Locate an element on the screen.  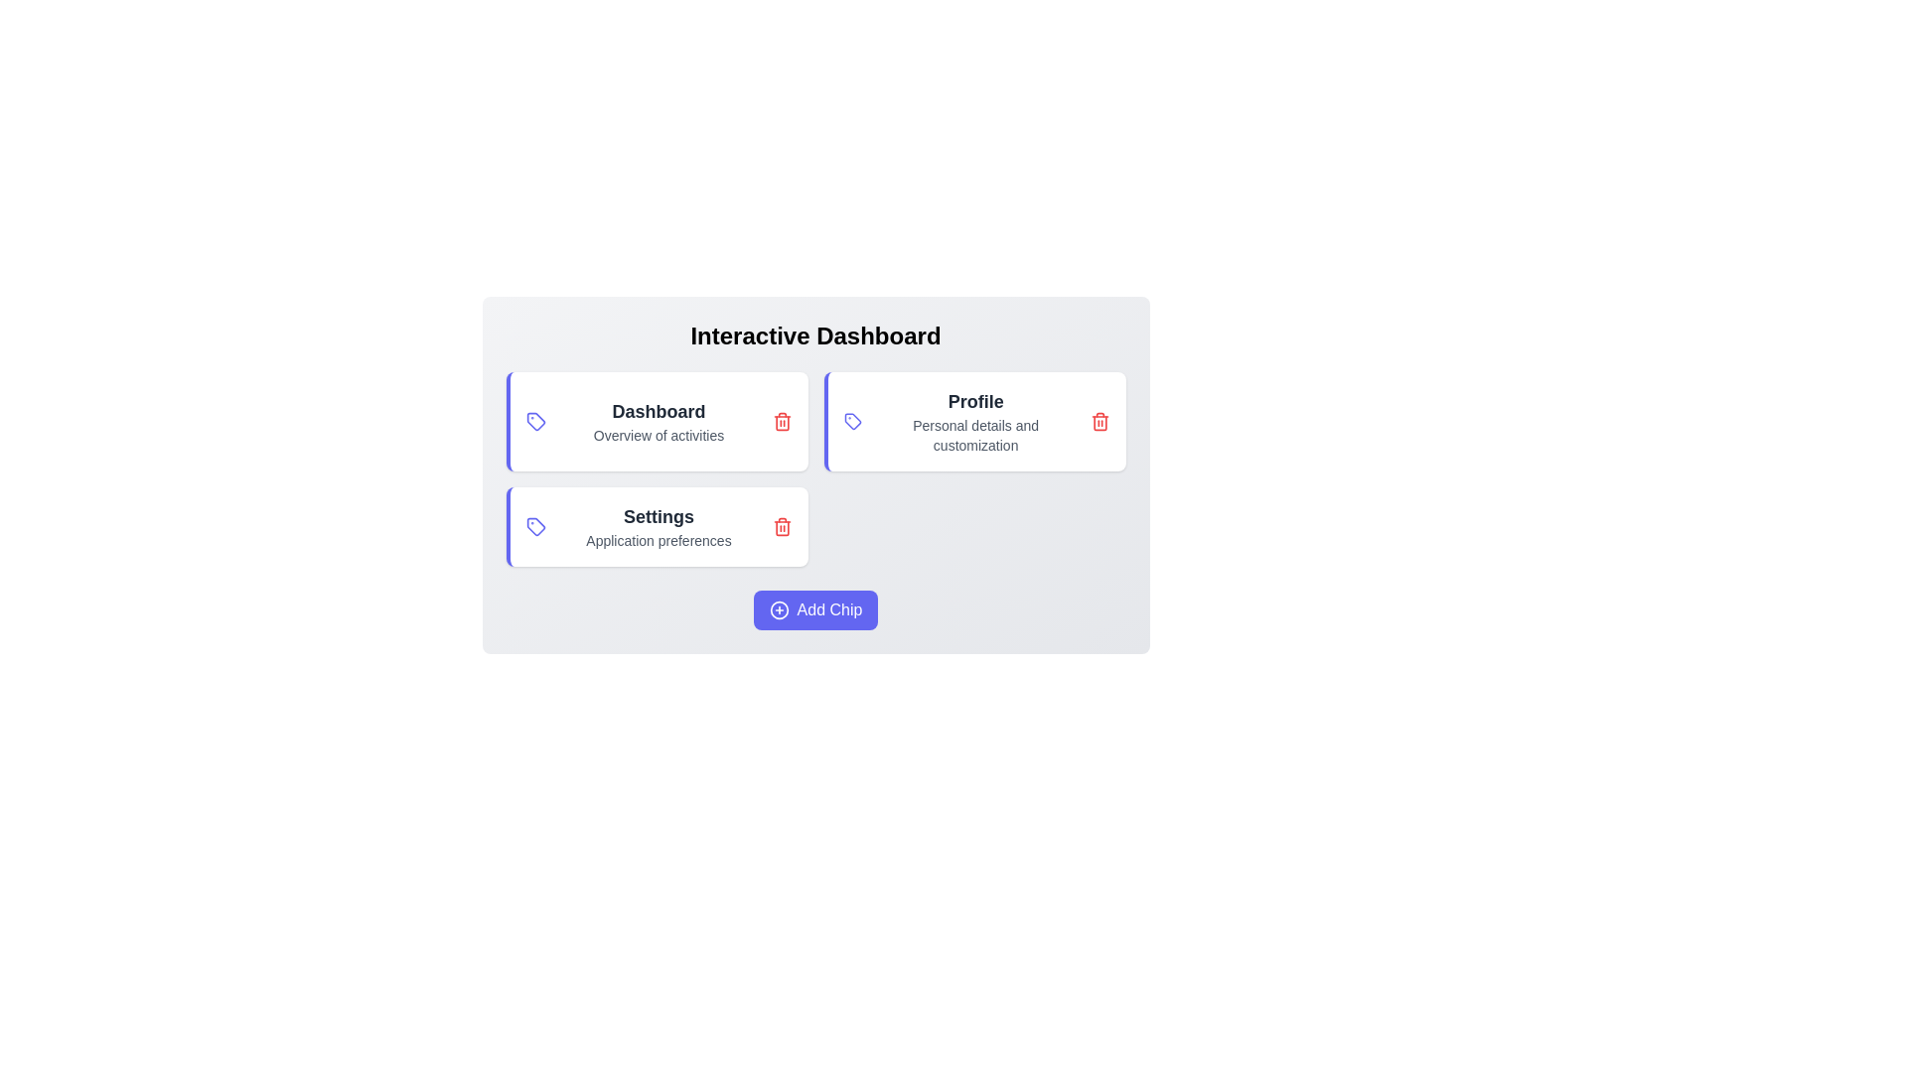
the 'Add Chip' button to add a new chip to the dashboard is located at coordinates (815, 608).